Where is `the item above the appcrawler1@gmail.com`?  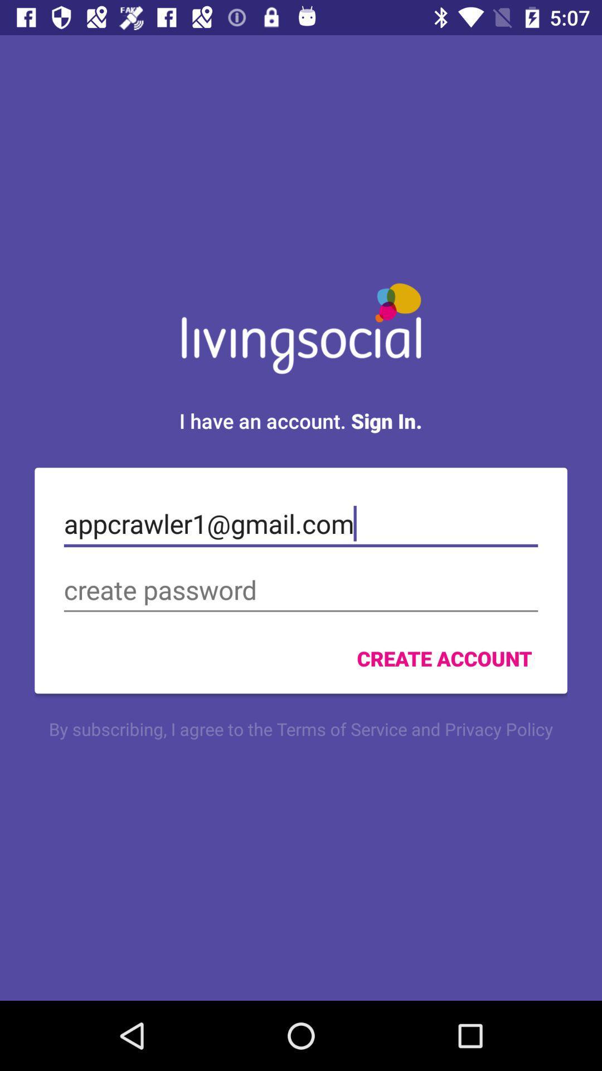 the item above the appcrawler1@gmail.com is located at coordinates (300, 420).